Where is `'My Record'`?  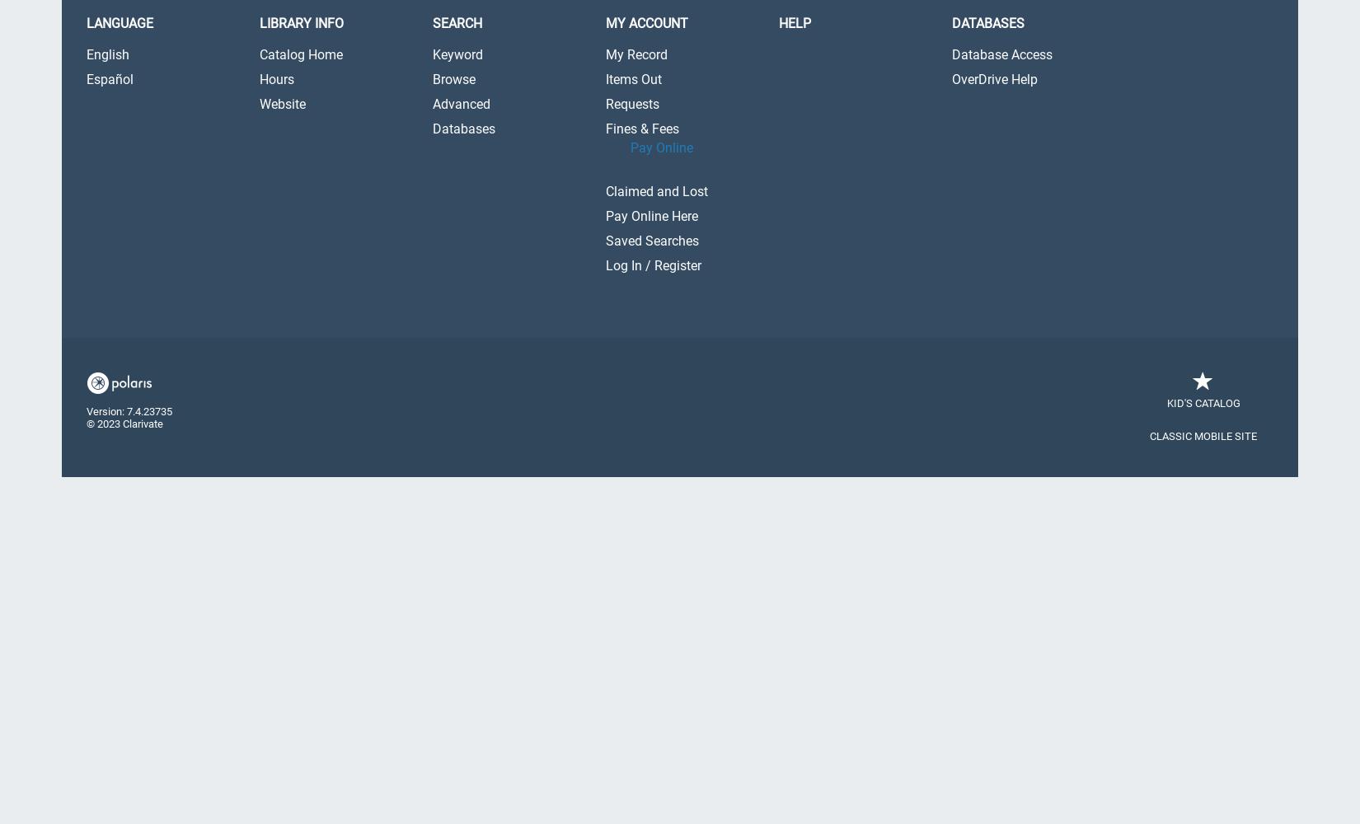 'My Record' is located at coordinates (635, 54).